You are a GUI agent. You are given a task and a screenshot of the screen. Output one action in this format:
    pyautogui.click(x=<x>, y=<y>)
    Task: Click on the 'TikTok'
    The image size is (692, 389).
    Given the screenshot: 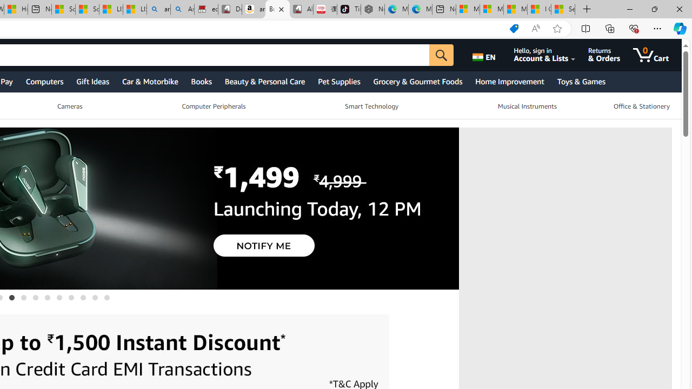 What is the action you would take?
    pyautogui.click(x=349, y=9)
    